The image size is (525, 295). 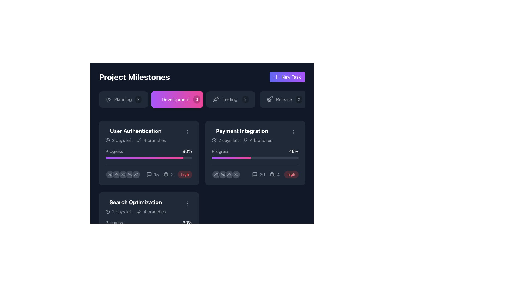 What do you see at coordinates (110, 175) in the screenshot?
I see `the user-related icon located at the bottom left corner of the 'User Authentication' card, which indicates the number of users associated with the task` at bounding box center [110, 175].